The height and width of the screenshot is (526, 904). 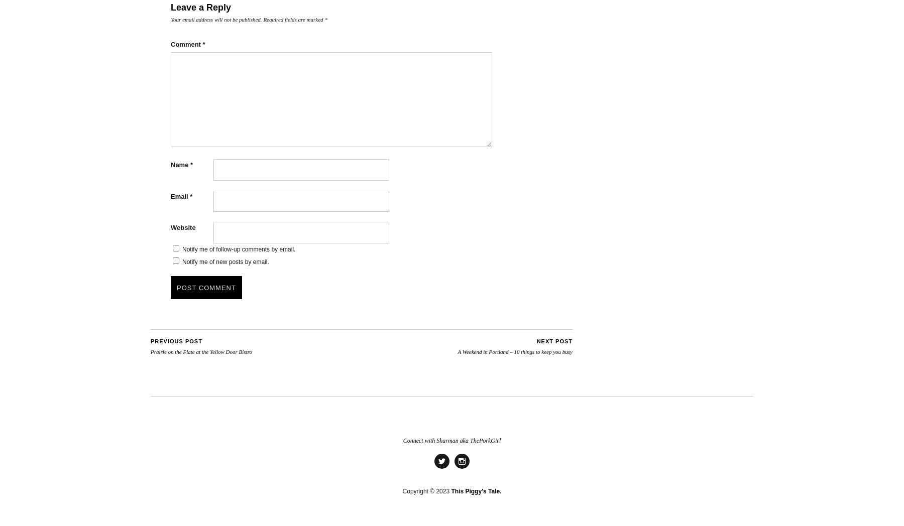 What do you see at coordinates (150, 350) in the screenshot?
I see `'Prairie on the Plate at the Yellow Door Bistro'` at bounding box center [150, 350].